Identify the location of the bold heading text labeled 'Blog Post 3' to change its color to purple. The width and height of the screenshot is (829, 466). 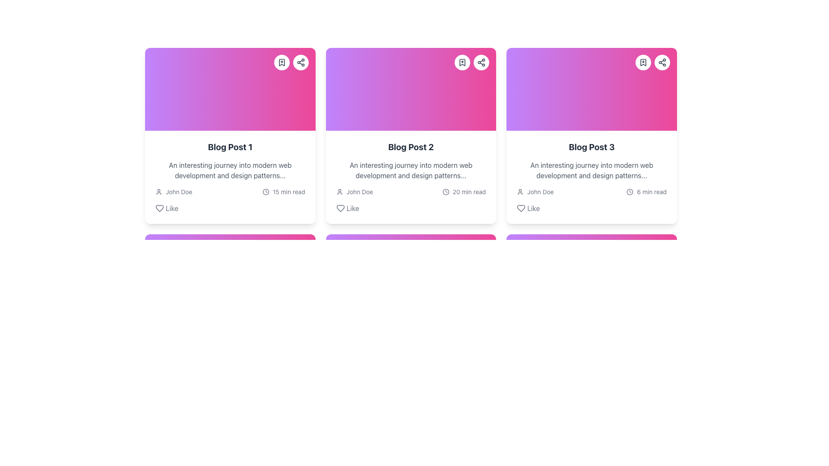
(591, 146).